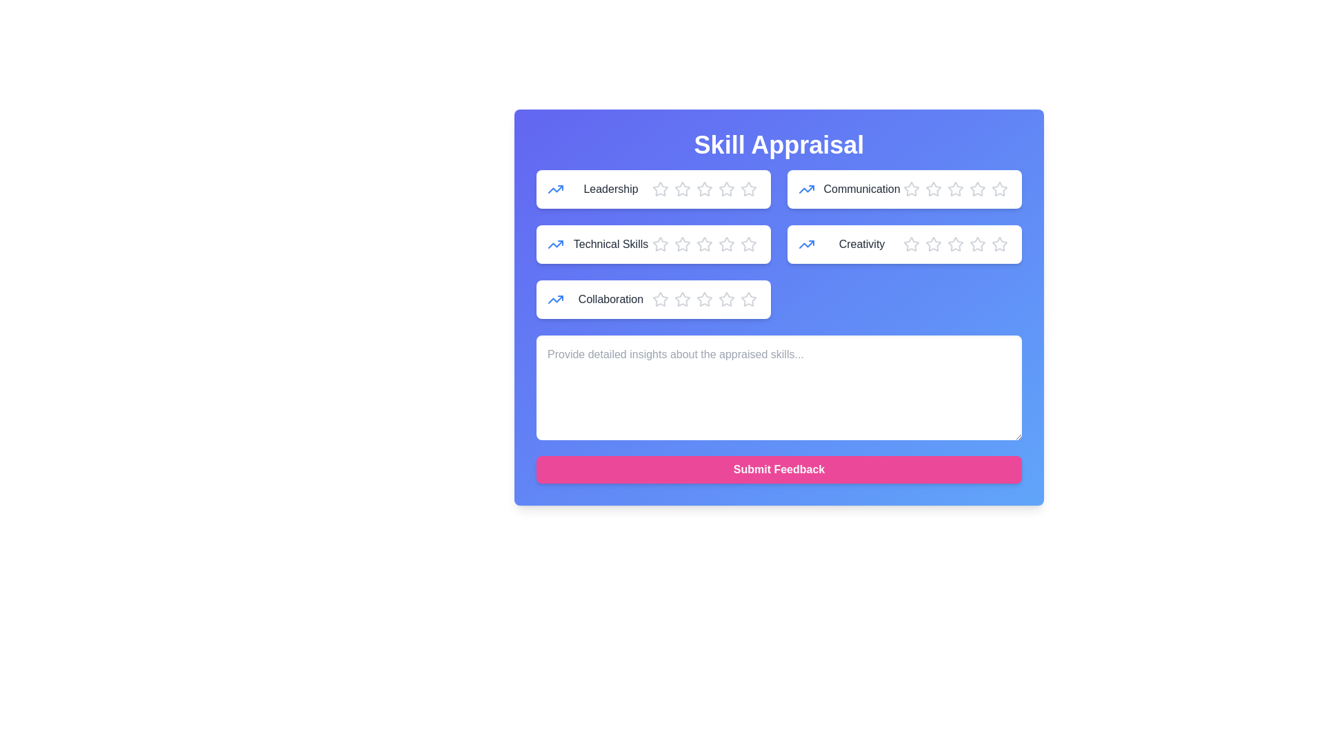 The image size is (1324, 744). I want to click on the star corresponding to 5 stars to preview the rating, so click(748, 189).